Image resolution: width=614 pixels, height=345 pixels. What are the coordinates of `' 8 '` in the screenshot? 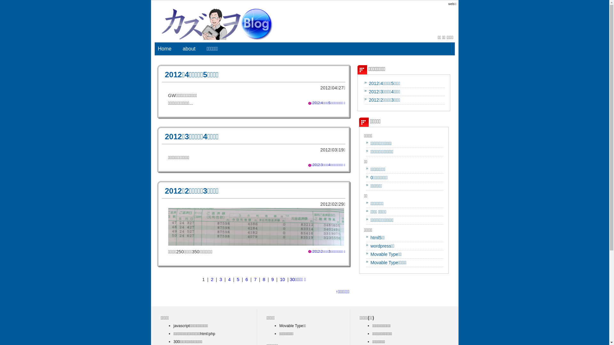 It's located at (264, 279).